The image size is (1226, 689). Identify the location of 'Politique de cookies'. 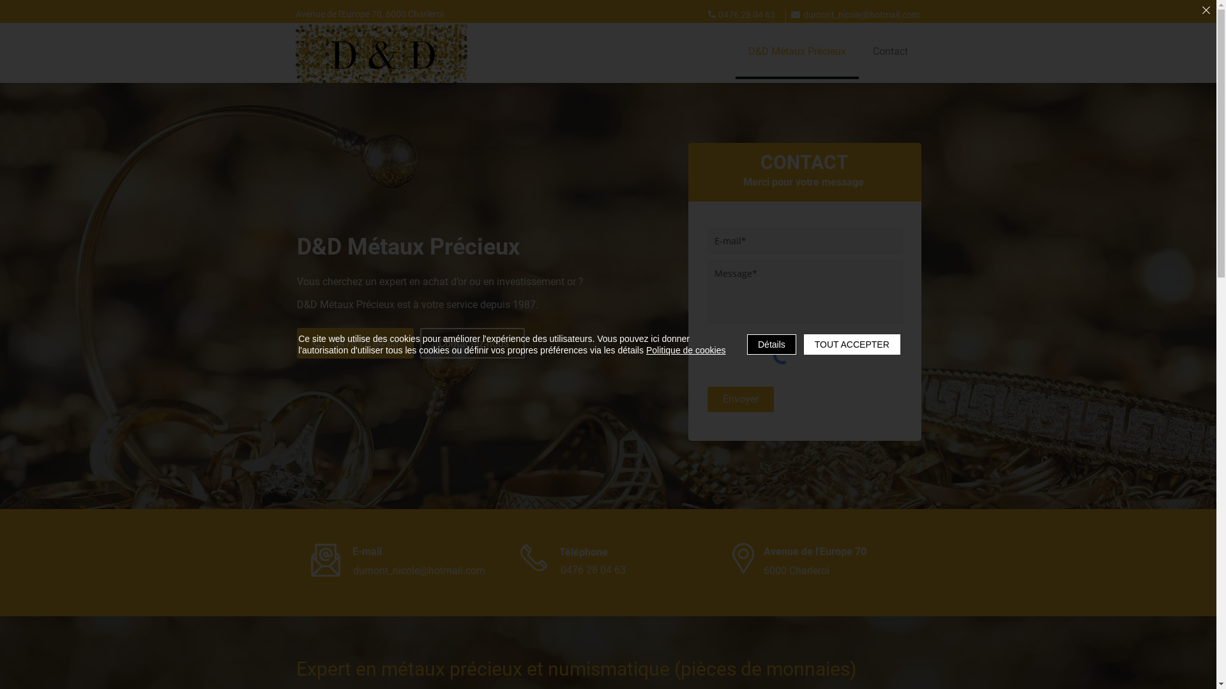
(685, 350).